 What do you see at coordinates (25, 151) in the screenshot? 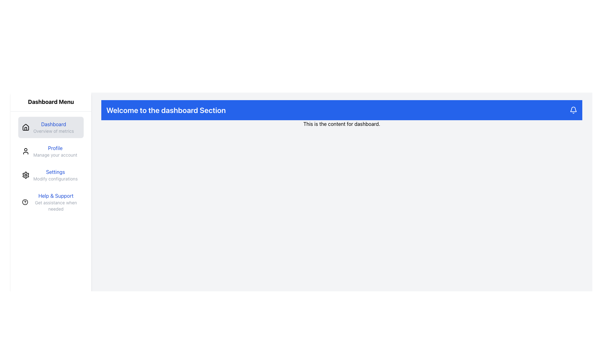
I see `the user silhouette icon located in the 'Profile' menu item section` at bounding box center [25, 151].